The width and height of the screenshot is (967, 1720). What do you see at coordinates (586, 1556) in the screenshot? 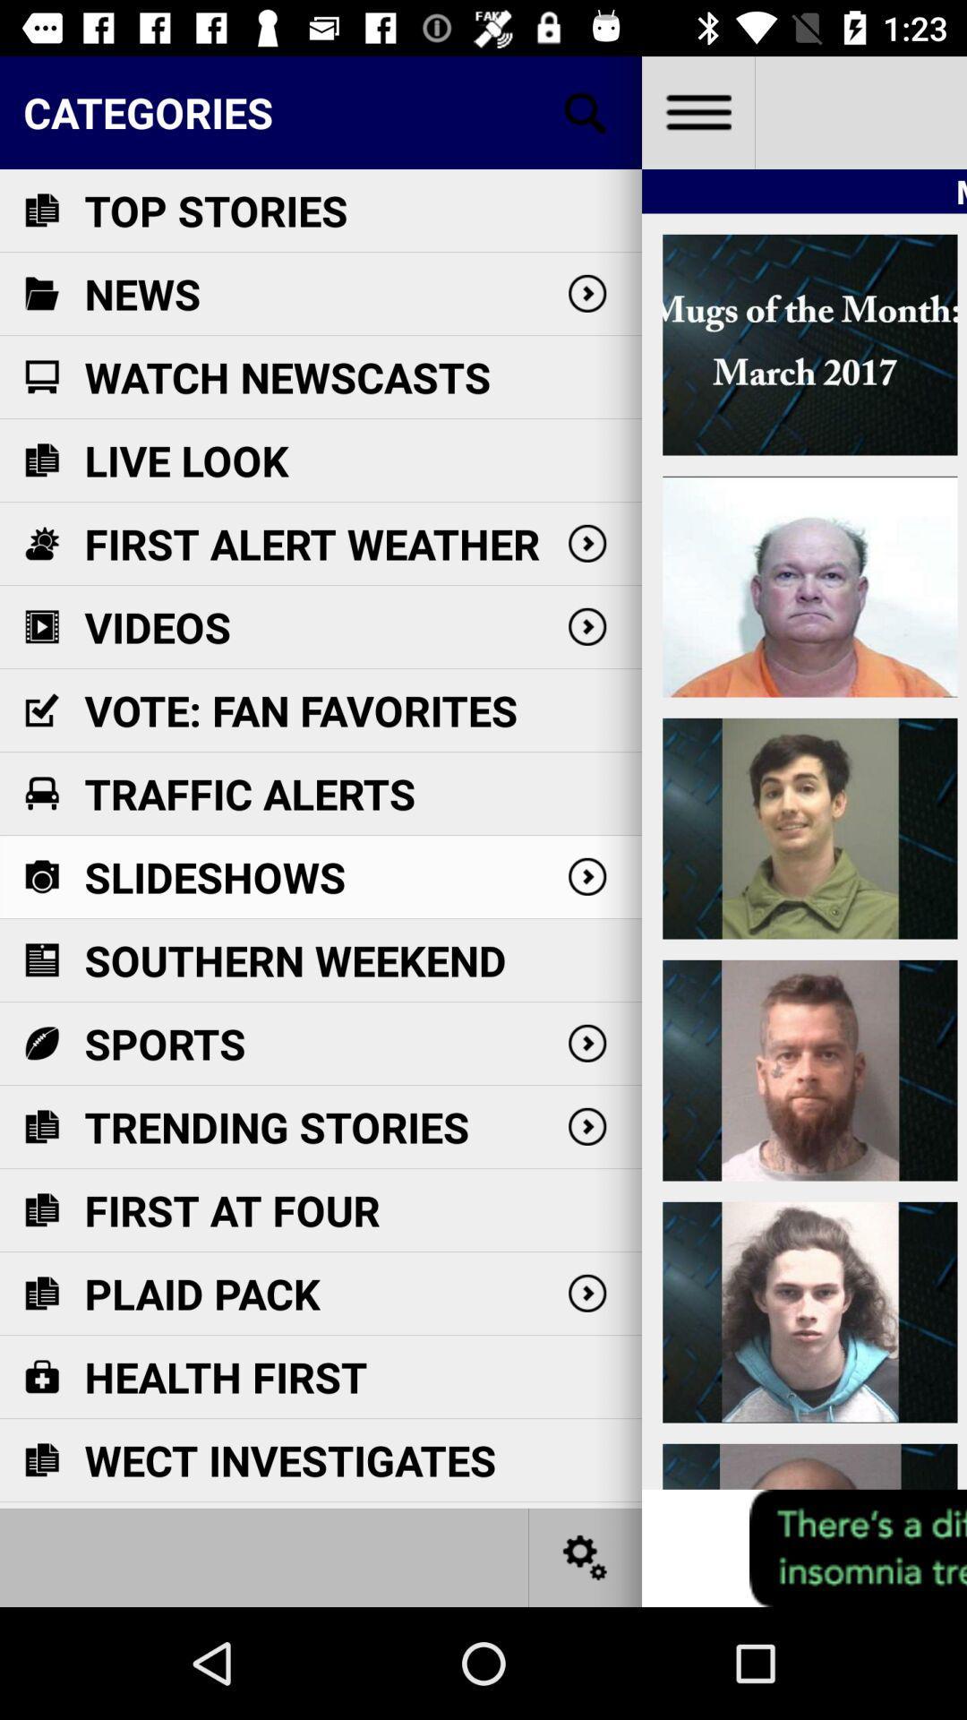
I see `the settings icon` at bounding box center [586, 1556].